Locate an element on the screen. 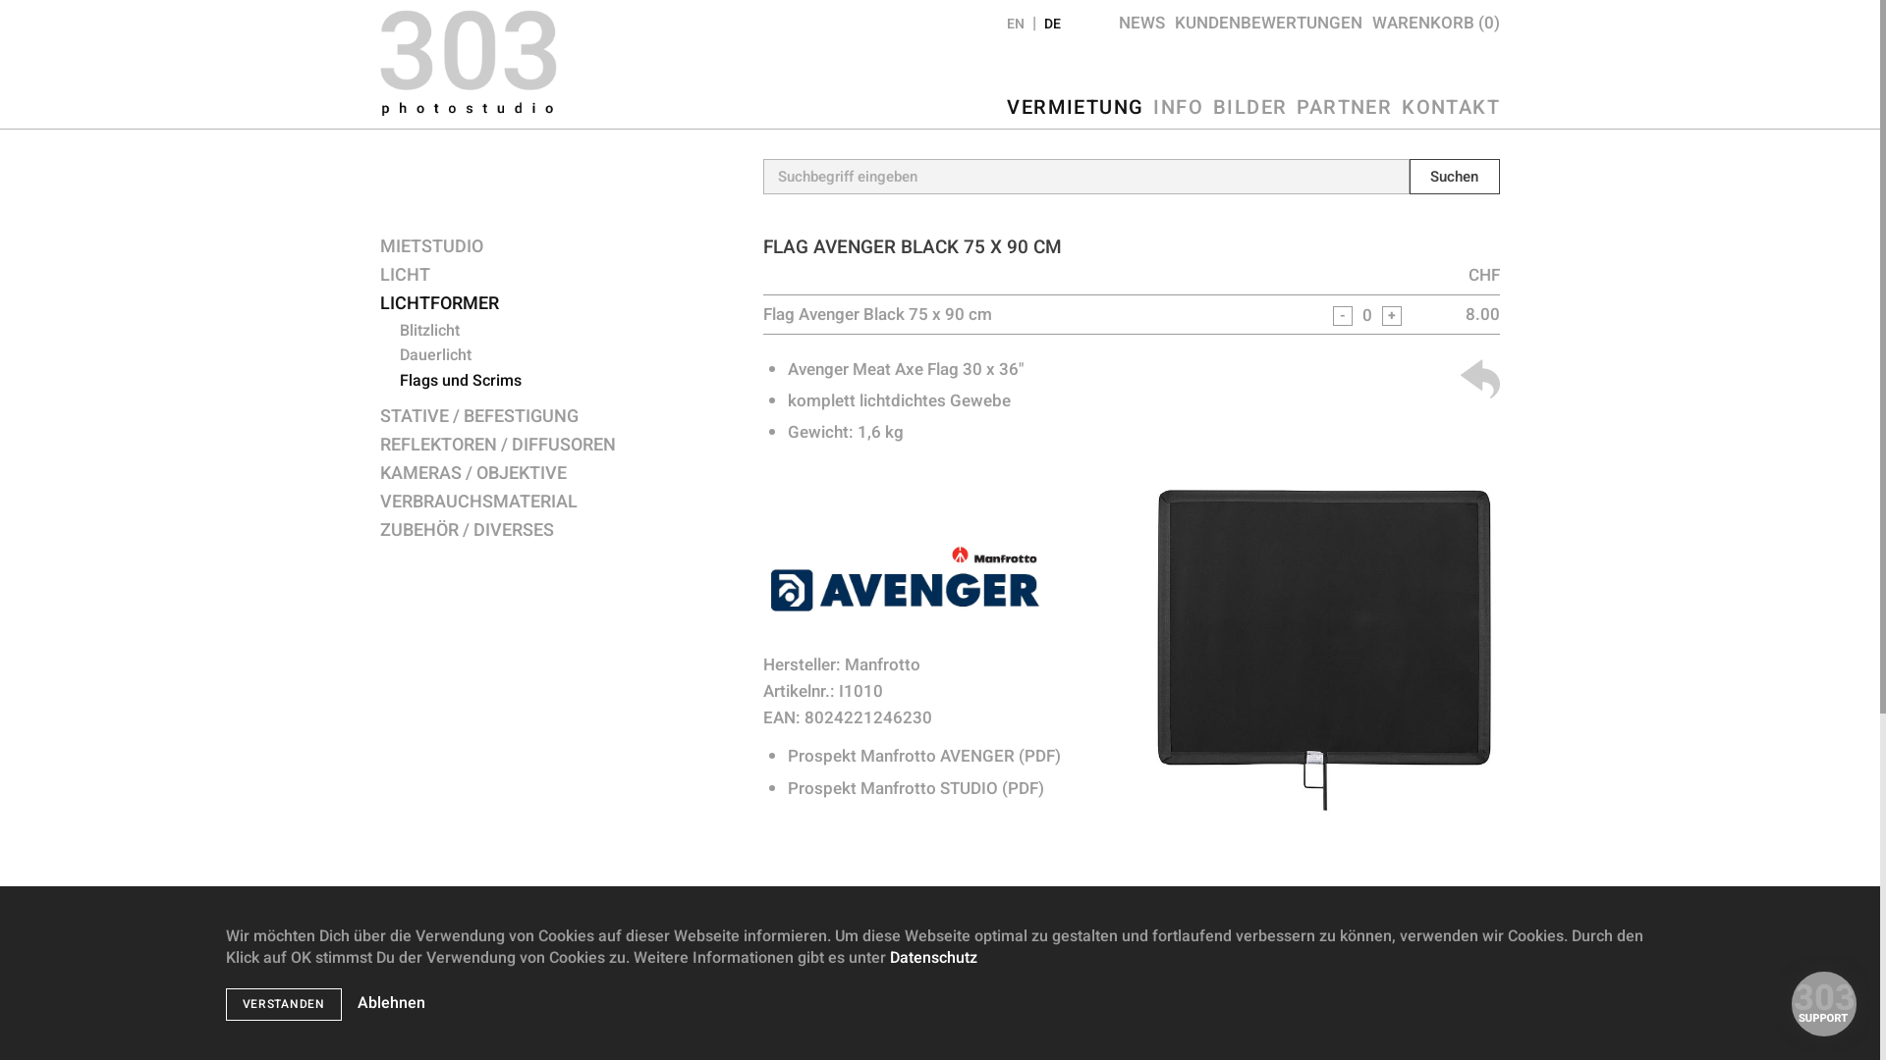 The image size is (1886, 1060). 'WARENKORB (0)' is located at coordinates (1436, 23).